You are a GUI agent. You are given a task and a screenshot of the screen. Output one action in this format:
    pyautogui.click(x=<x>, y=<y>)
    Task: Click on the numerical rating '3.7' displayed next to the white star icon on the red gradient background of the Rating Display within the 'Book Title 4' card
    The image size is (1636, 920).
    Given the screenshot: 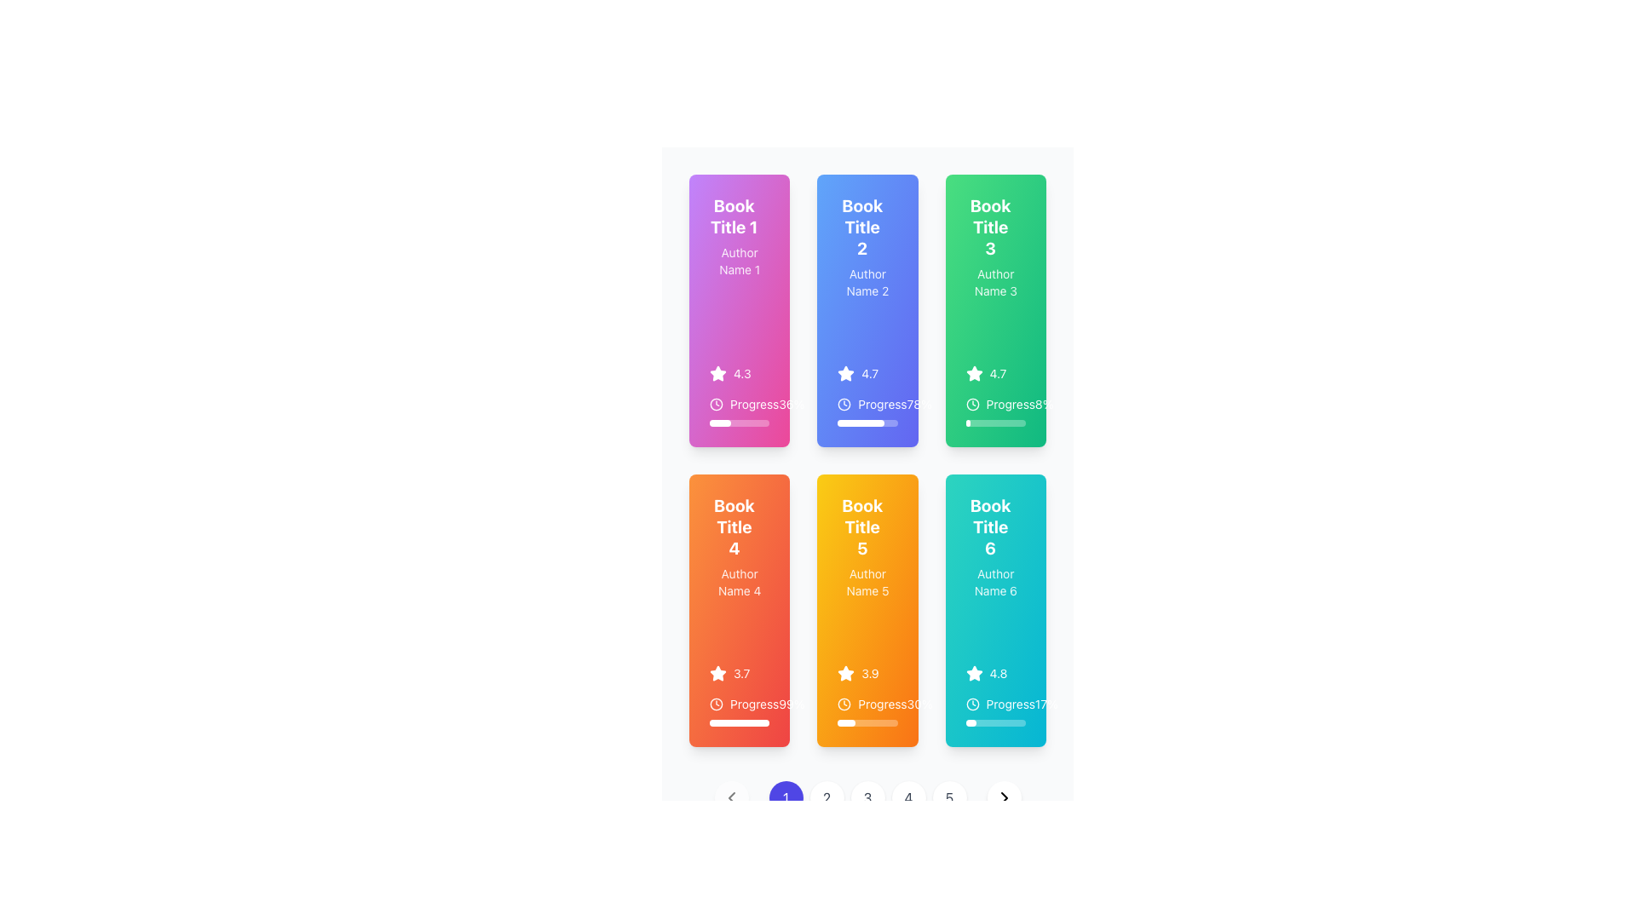 What is the action you would take?
    pyautogui.click(x=740, y=672)
    